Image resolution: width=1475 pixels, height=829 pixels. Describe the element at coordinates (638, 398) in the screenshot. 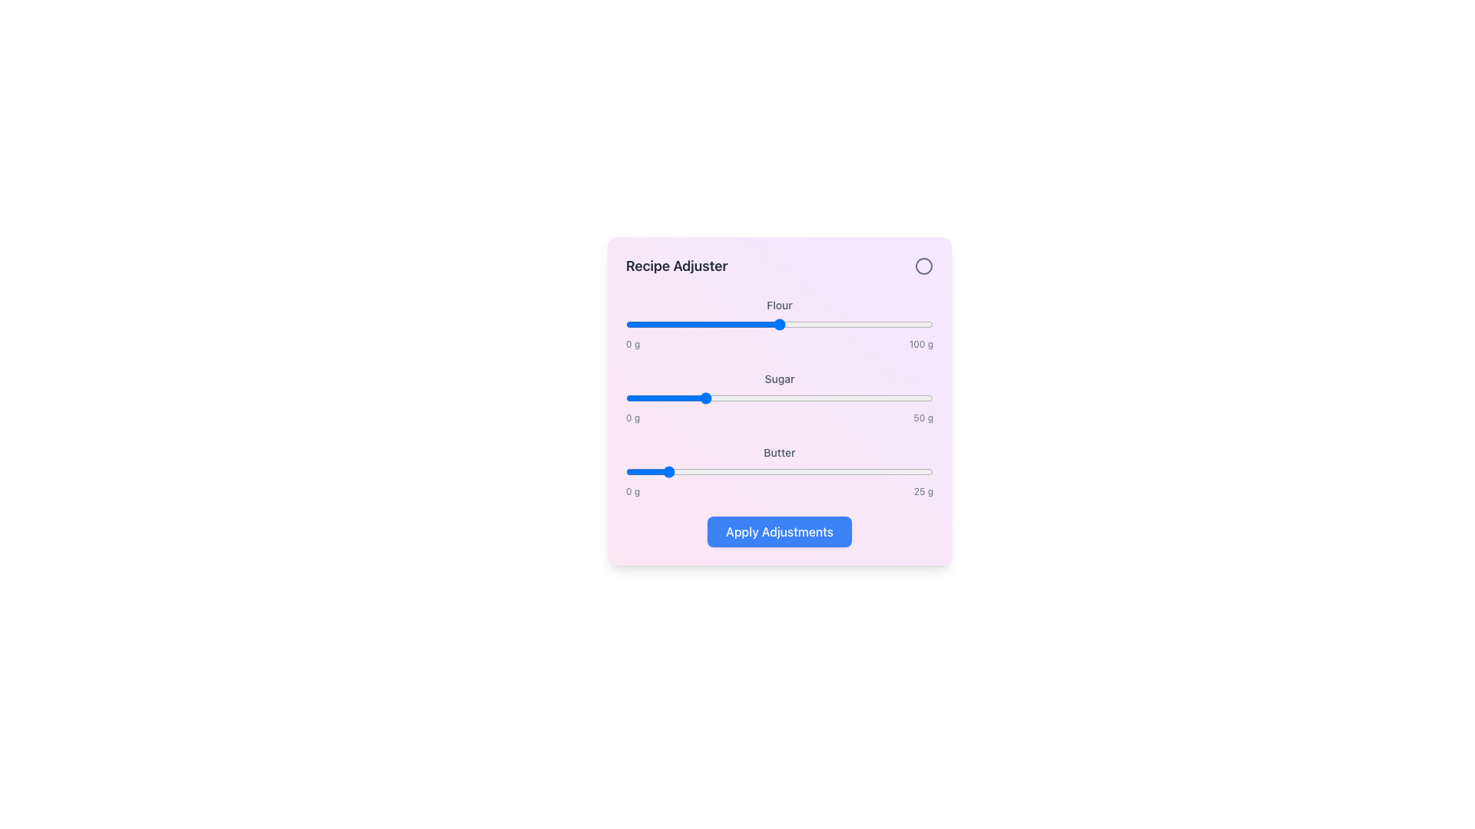

I see `sugar level` at that location.